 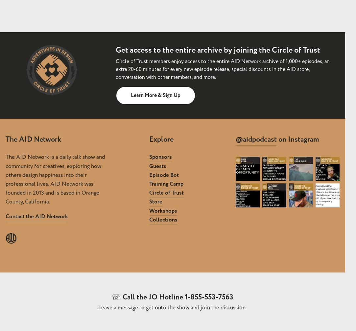 What do you see at coordinates (166, 193) in the screenshot?
I see `'Circle of Trust'` at bounding box center [166, 193].